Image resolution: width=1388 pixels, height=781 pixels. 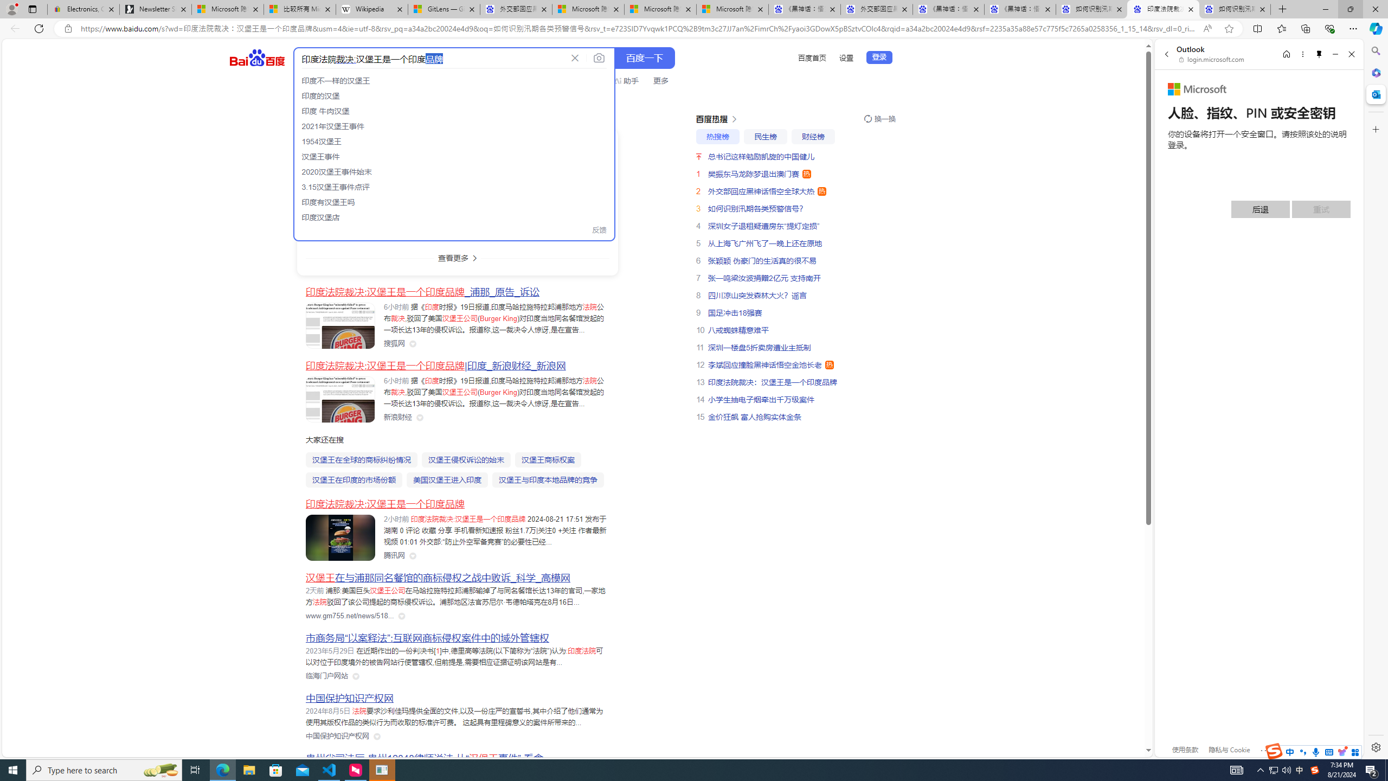 What do you see at coordinates (155, 9) in the screenshot?
I see `'Newsletter Sign Up'` at bounding box center [155, 9].